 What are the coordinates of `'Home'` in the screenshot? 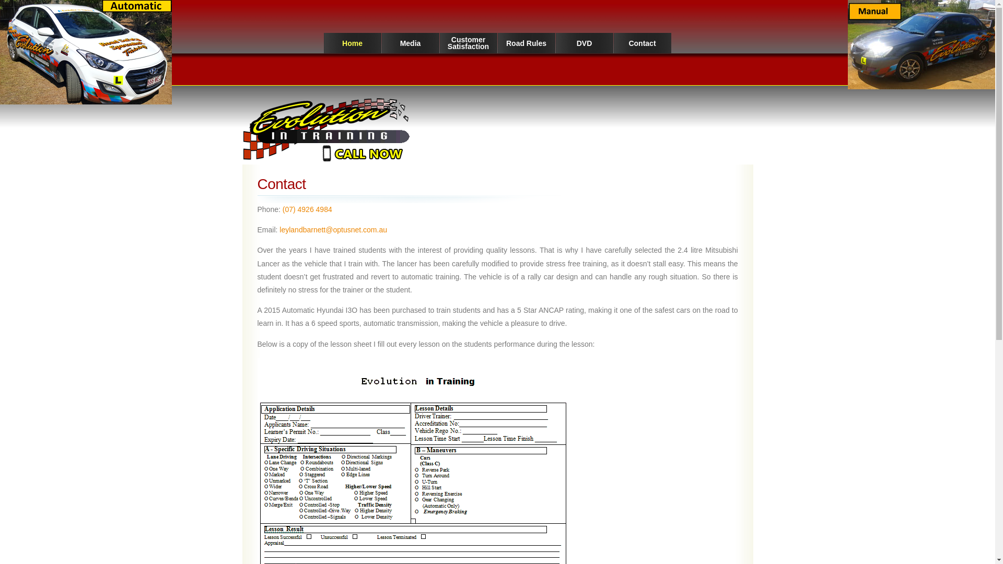 It's located at (353, 43).